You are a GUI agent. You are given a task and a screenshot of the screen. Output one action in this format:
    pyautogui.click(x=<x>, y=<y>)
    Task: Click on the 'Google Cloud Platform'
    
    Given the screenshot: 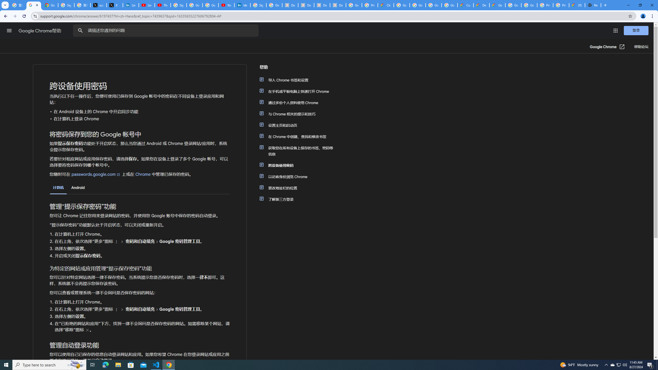 What is the action you would take?
    pyautogui.click(x=513, y=5)
    